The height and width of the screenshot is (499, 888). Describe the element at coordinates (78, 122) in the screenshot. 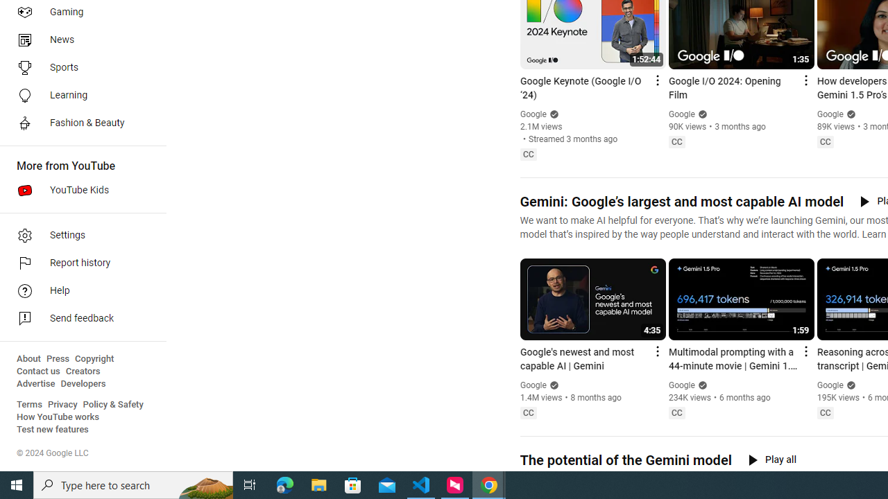

I see `'Fashion & Beauty'` at that location.